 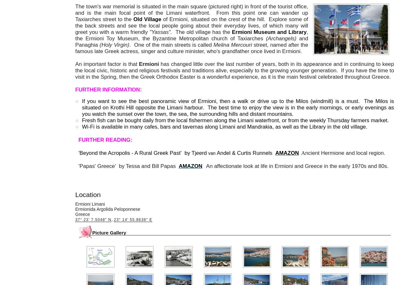 I want to click on 'Picture Gallery', so click(x=109, y=233).